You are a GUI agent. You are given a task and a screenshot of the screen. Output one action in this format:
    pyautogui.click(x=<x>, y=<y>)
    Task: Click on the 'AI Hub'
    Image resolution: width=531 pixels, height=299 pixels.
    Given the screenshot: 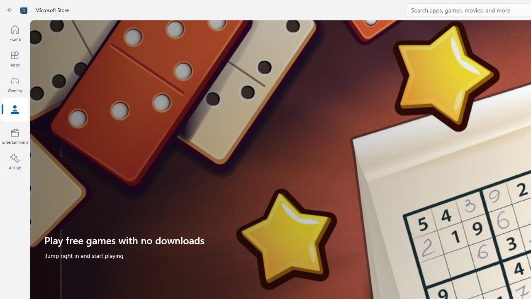 What is the action you would take?
    pyautogui.click(x=15, y=162)
    